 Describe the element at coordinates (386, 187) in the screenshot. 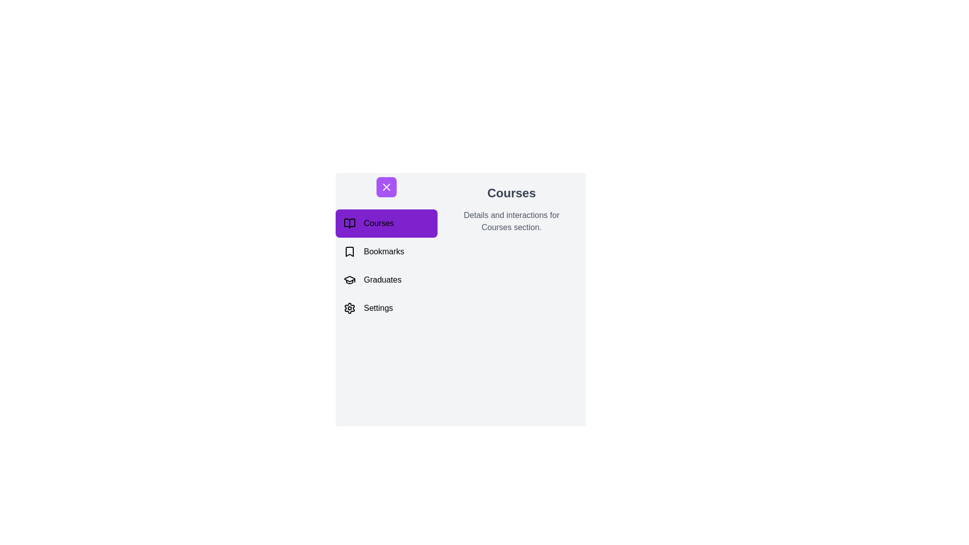

I see `the close button in the drawer` at that location.